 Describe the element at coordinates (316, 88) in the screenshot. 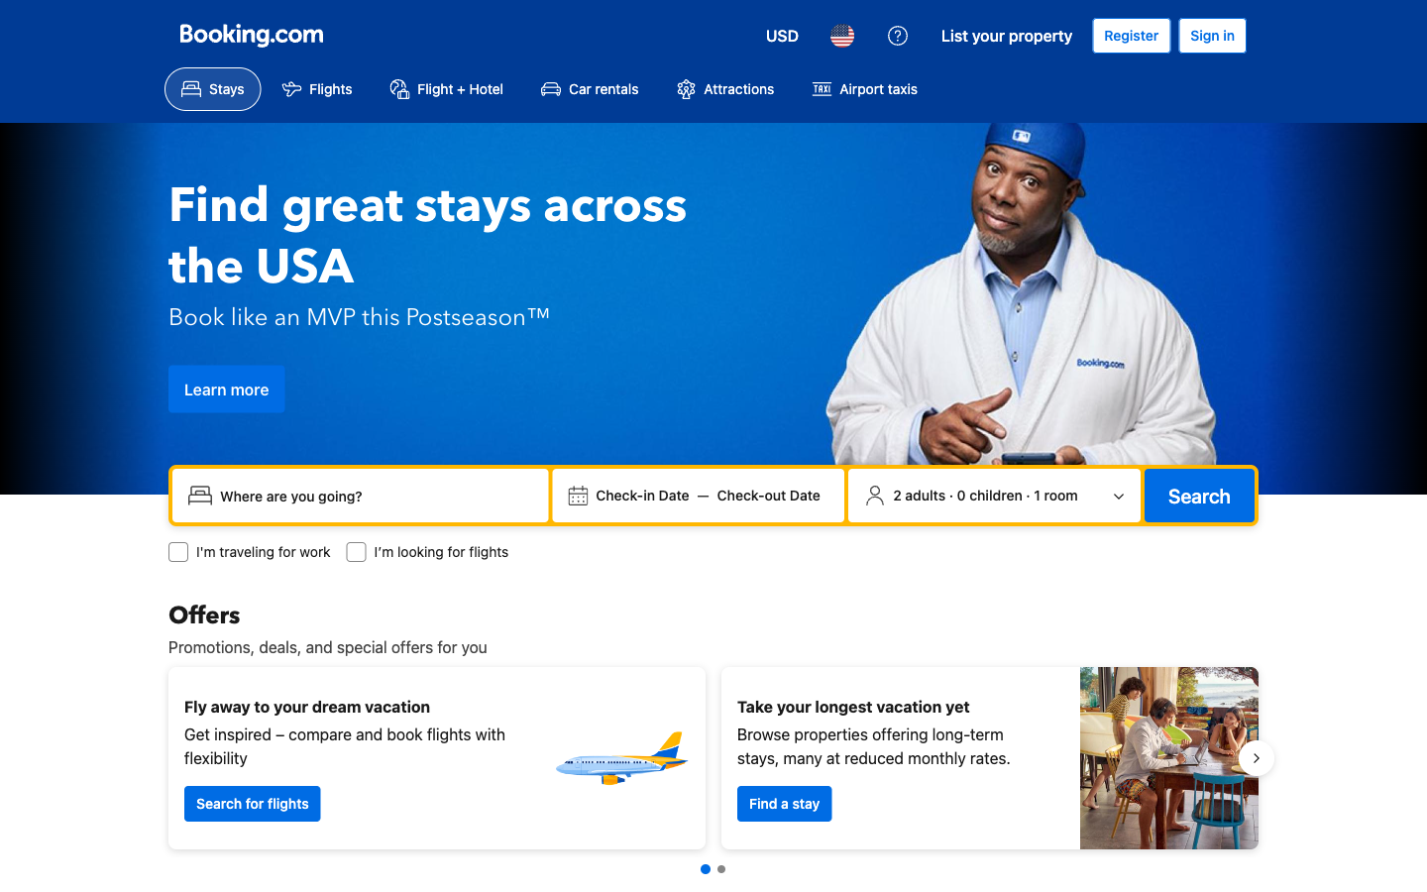

I see `Search for flights using the flights button` at that location.